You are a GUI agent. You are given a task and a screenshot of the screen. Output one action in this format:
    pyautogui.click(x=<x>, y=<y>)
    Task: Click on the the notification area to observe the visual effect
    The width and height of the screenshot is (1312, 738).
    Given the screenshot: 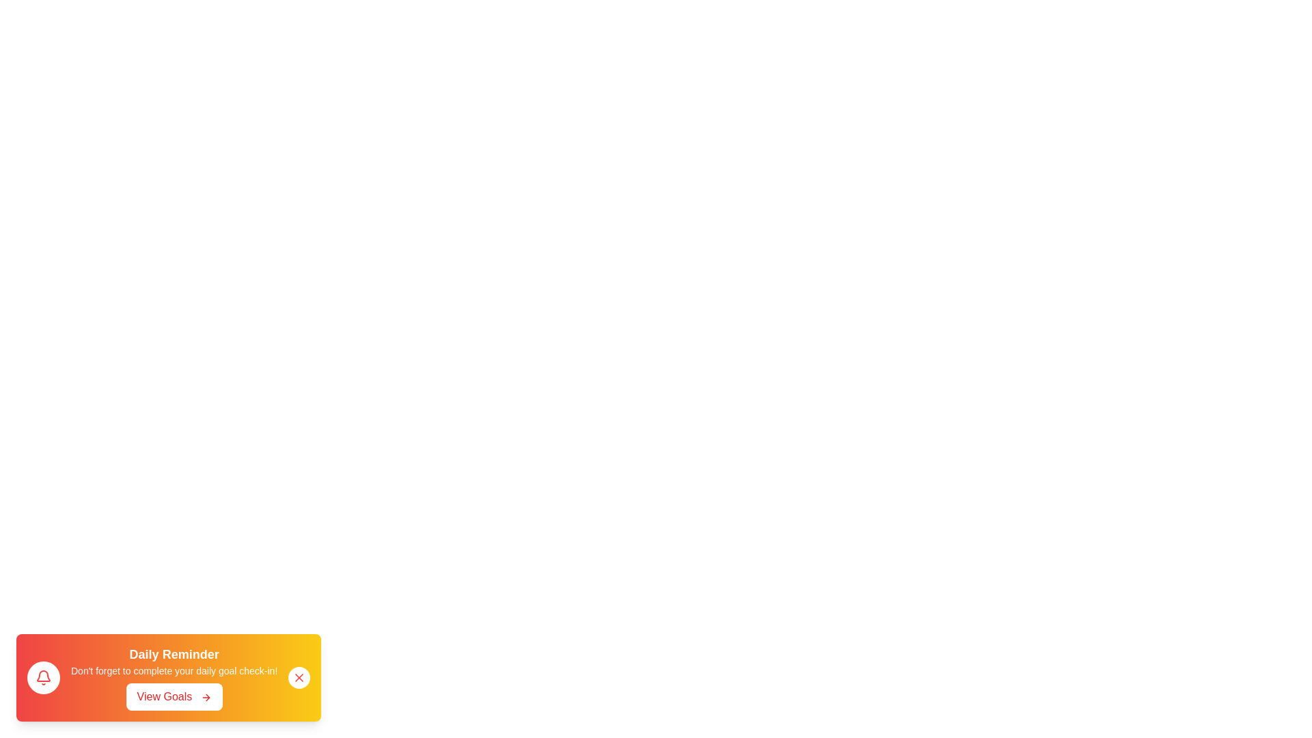 What is the action you would take?
    pyautogui.click(x=167, y=677)
    